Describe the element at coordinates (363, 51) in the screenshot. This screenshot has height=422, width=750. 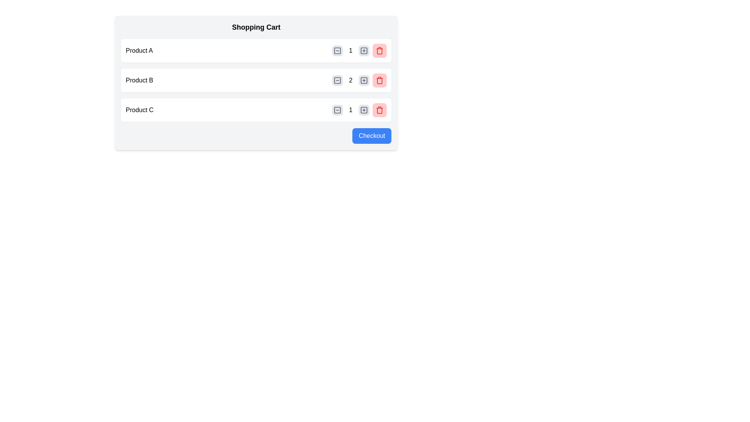
I see `the square-shaped button with a plus sign in the center, located to the right side of the quantity field for 'Product B' in the shopping cart list` at that location.